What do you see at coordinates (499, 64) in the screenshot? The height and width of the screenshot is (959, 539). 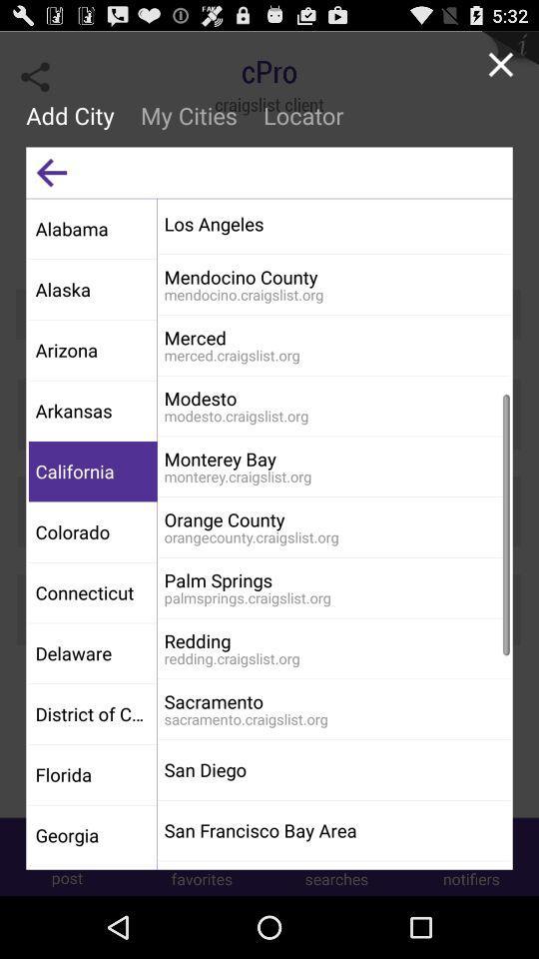 I see `out of options` at bounding box center [499, 64].